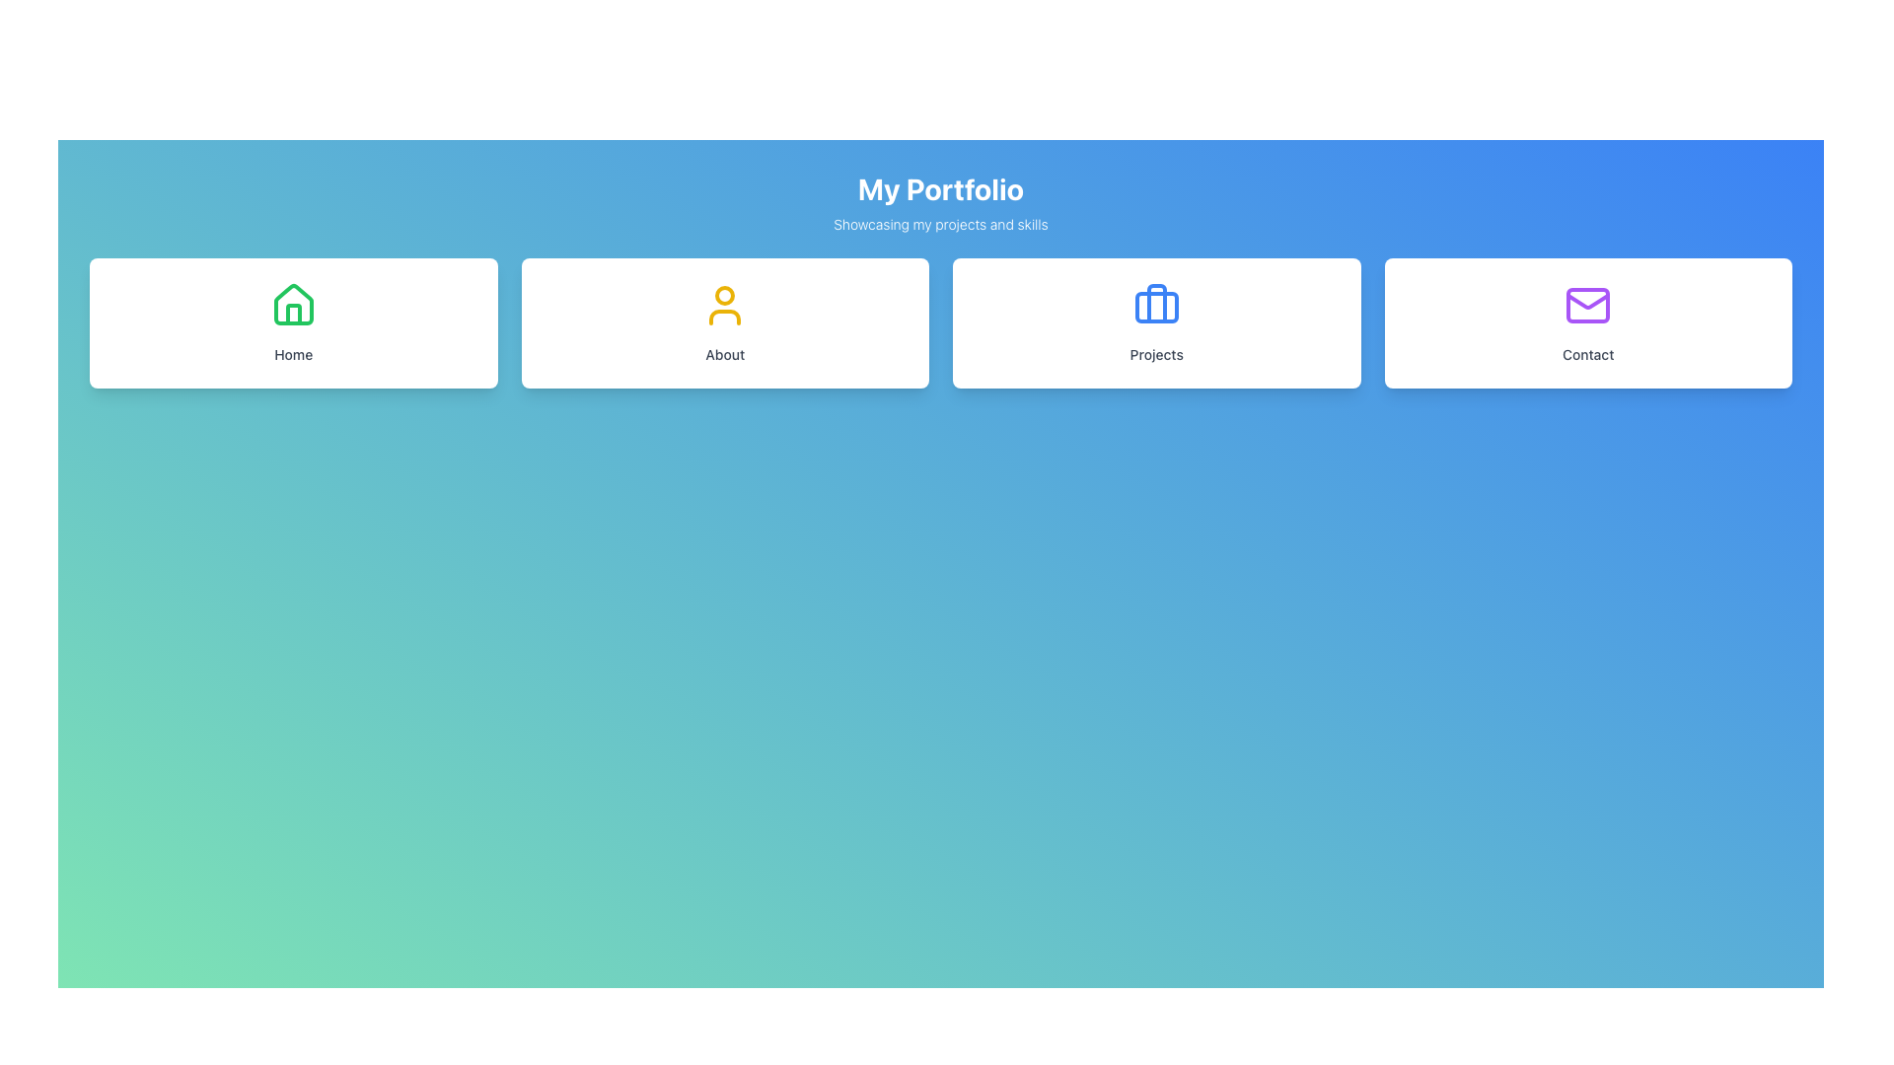 The width and height of the screenshot is (1894, 1065). I want to click on the 'Home' text label located at the bottom of the first card in the 'My Portfolio' section, which indicates navigation to the Home section of the application, so click(292, 353).